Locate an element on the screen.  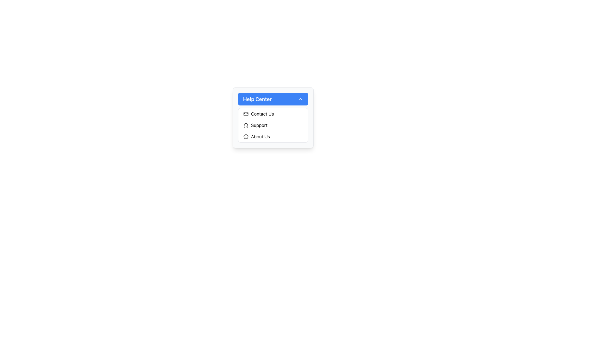
the rectangular shape with rounded corners that forms the base of the envelope icon in the 'Contact Us' item of the dropdown menu under the 'Help Center' section is located at coordinates (245, 114).